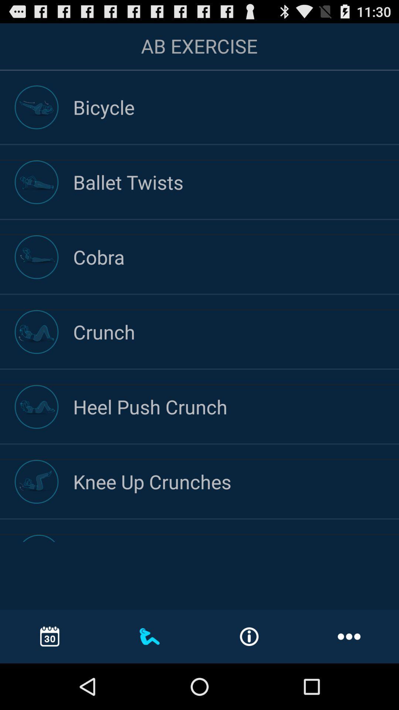 This screenshot has height=710, width=399. Describe the element at coordinates (236, 257) in the screenshot. I see `the cobra` at that location.